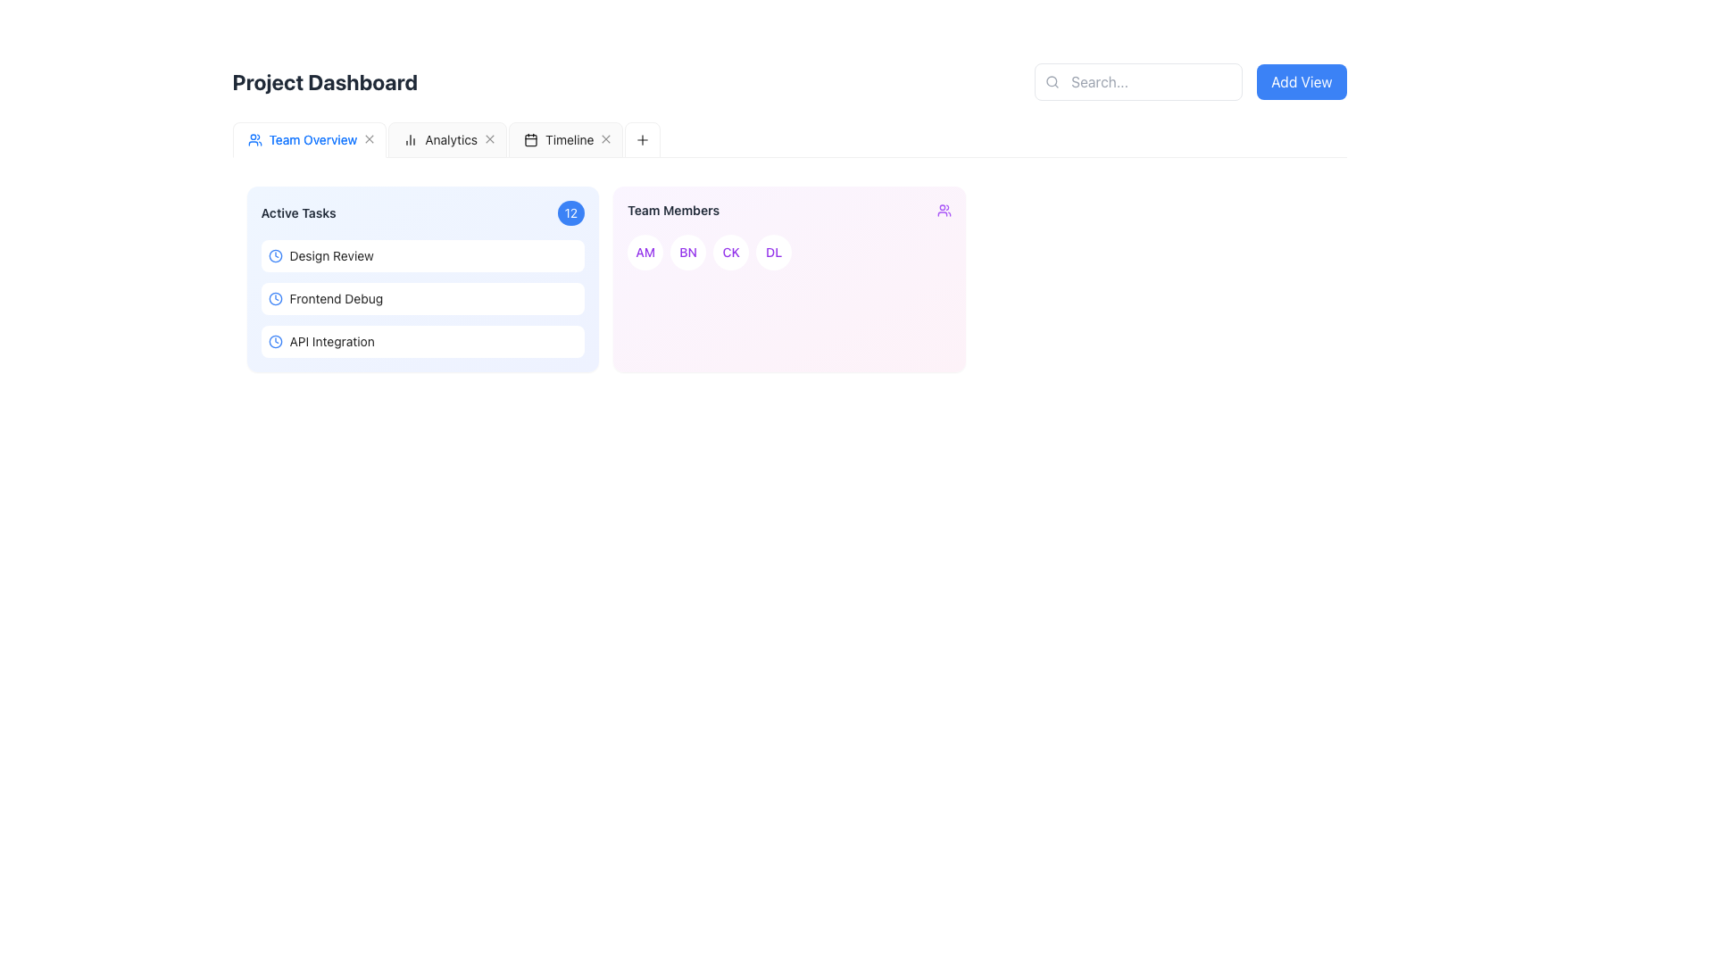 Image resolution: width=1714 pixels, height=964 pixels. What do you see at coordinates (557, 139) in the screenshot?
I see `the third tab from the left on the tab bar` at bounding box center [557, 139].